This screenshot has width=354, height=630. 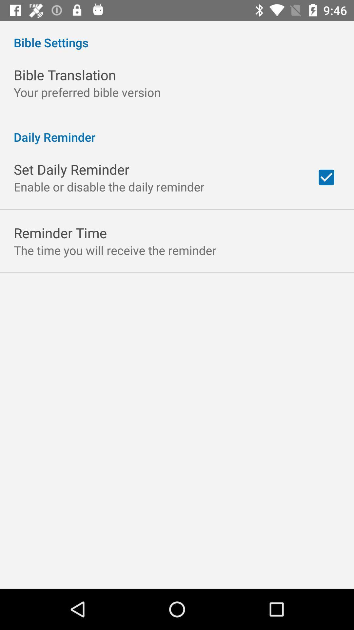 What do you see at coordinates (87, 92) in the screenshot?
I see `item above daily reminder icon` at bounding box center [87, 92].